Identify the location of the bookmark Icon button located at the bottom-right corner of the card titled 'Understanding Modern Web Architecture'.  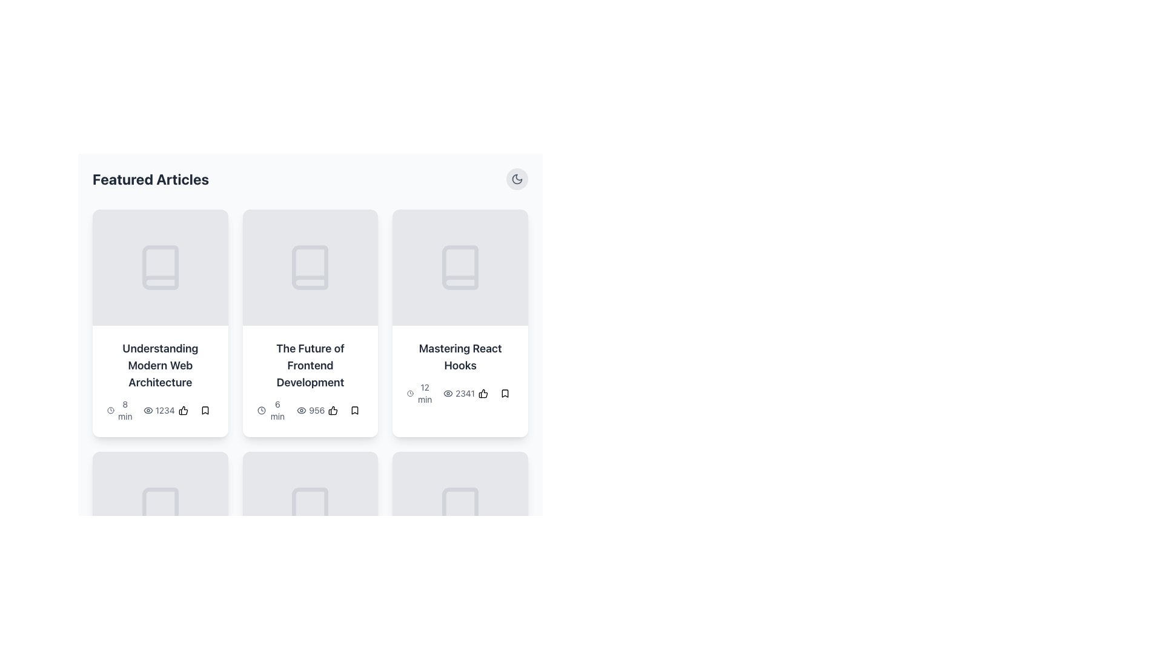
(205, 410).